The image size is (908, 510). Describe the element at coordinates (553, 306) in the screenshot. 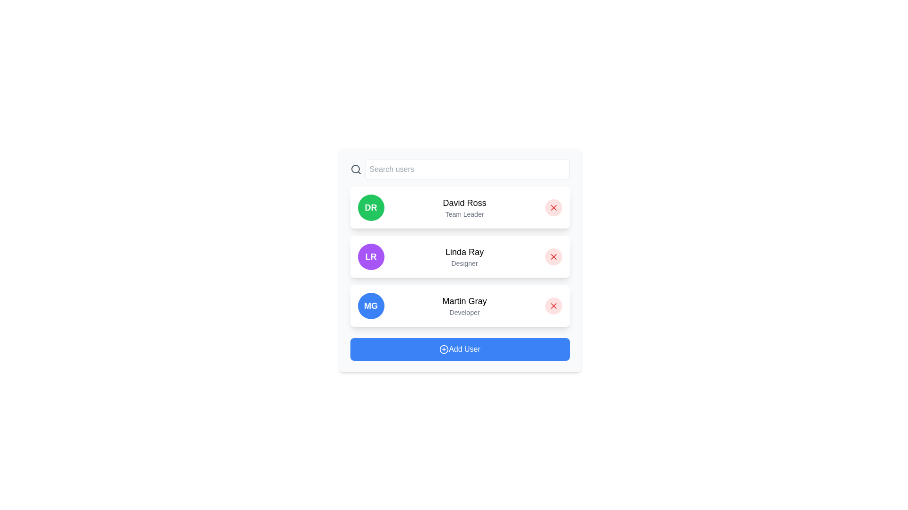

I see `the third close icon on the far-right side of the user list item labeled 'Martin Gray'` at that location.